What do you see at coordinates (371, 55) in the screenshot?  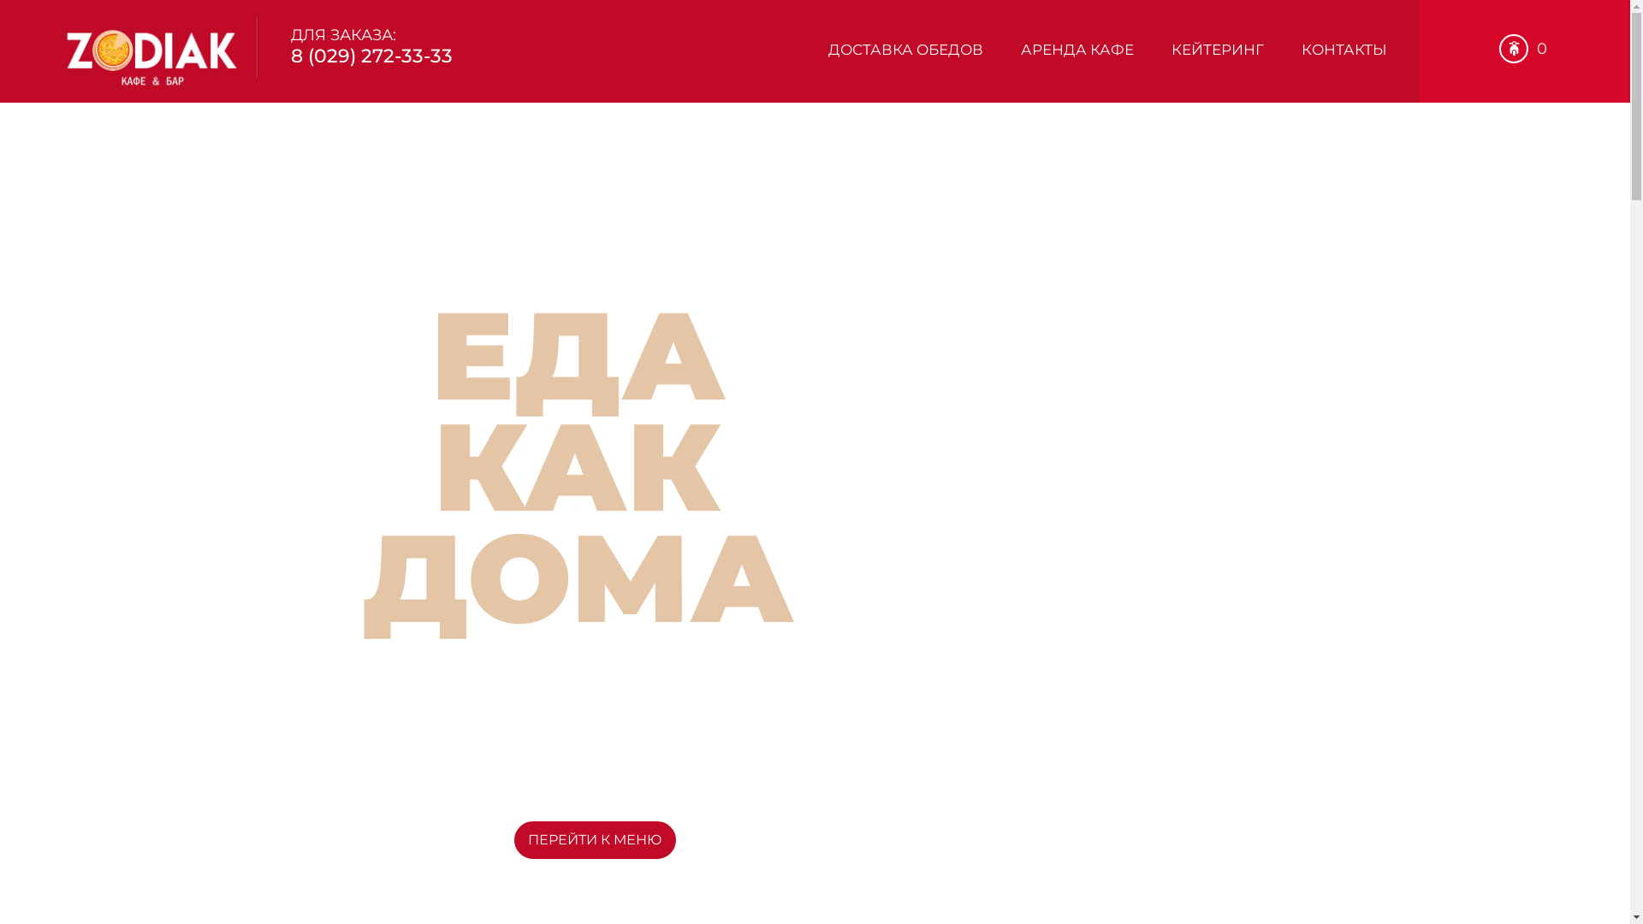 I see `'8 (029) 272-33-33'` at bounding box center [371, 55].